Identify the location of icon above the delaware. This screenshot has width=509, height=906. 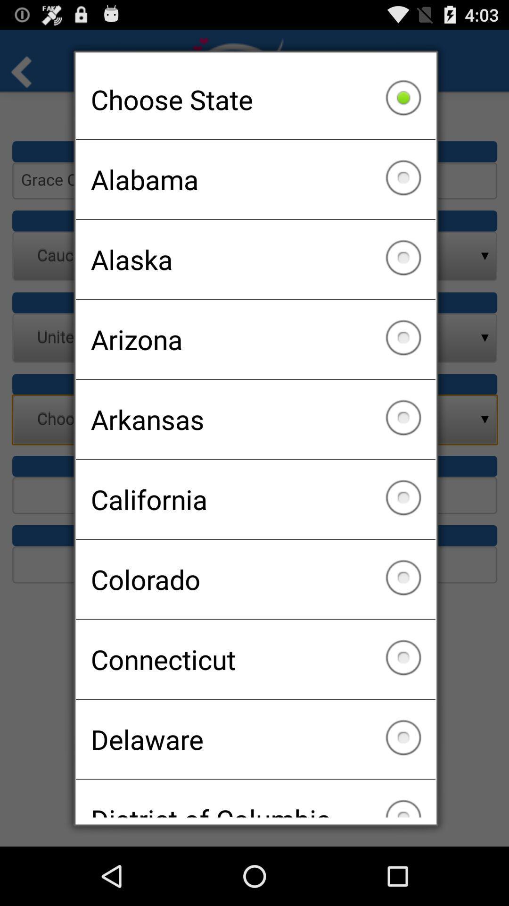
(255, 659).